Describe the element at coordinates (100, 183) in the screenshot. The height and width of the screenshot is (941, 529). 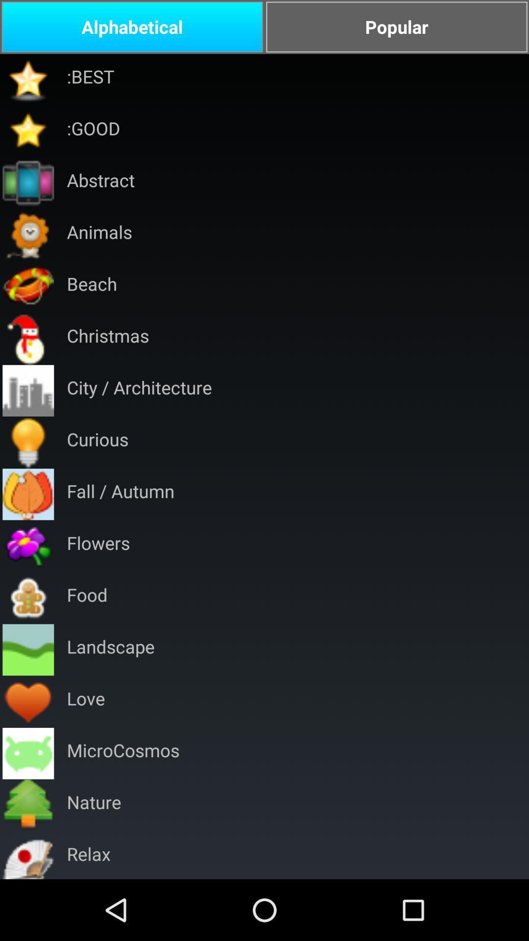
I see `abstract app` at that location.